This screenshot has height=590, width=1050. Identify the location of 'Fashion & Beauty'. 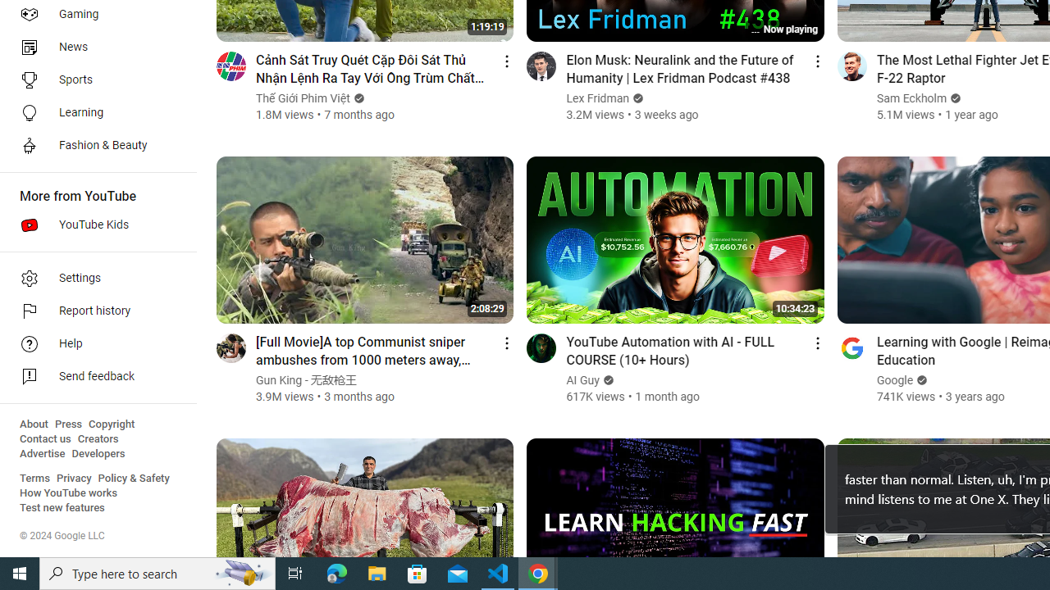
(92, 144).